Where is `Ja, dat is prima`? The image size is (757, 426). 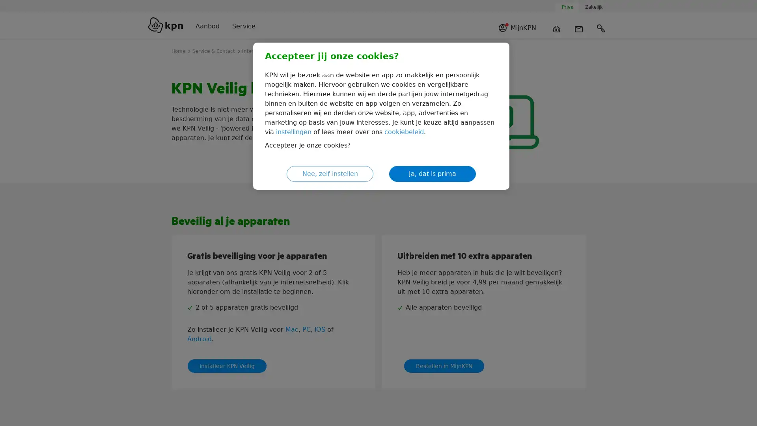
Ja, dat is prima is located at coordinates (432, 173).